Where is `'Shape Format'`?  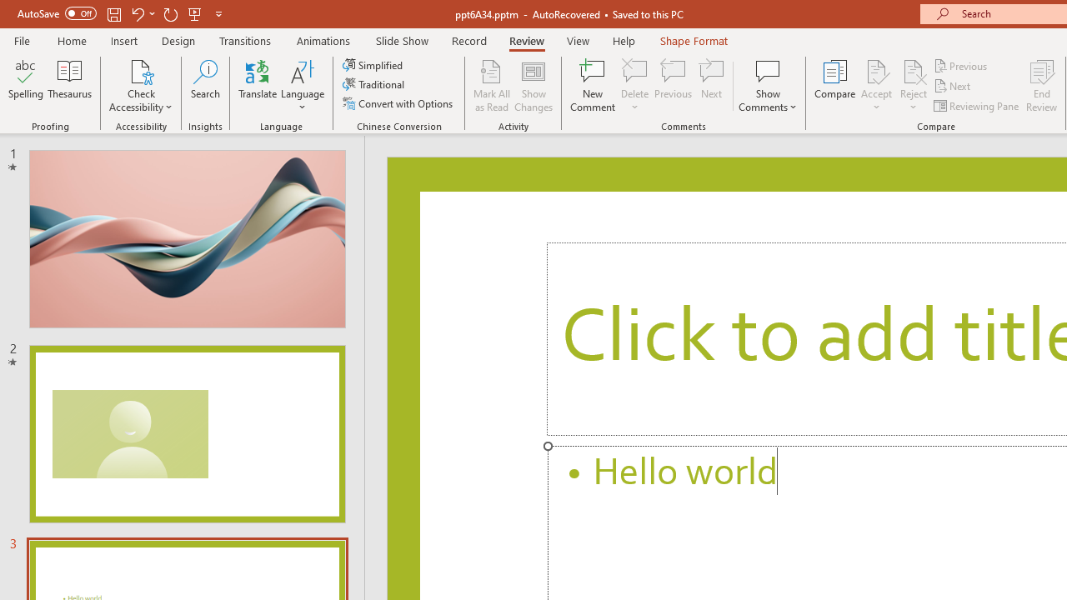 'Shape Format' is located at coordinates (694, 40).